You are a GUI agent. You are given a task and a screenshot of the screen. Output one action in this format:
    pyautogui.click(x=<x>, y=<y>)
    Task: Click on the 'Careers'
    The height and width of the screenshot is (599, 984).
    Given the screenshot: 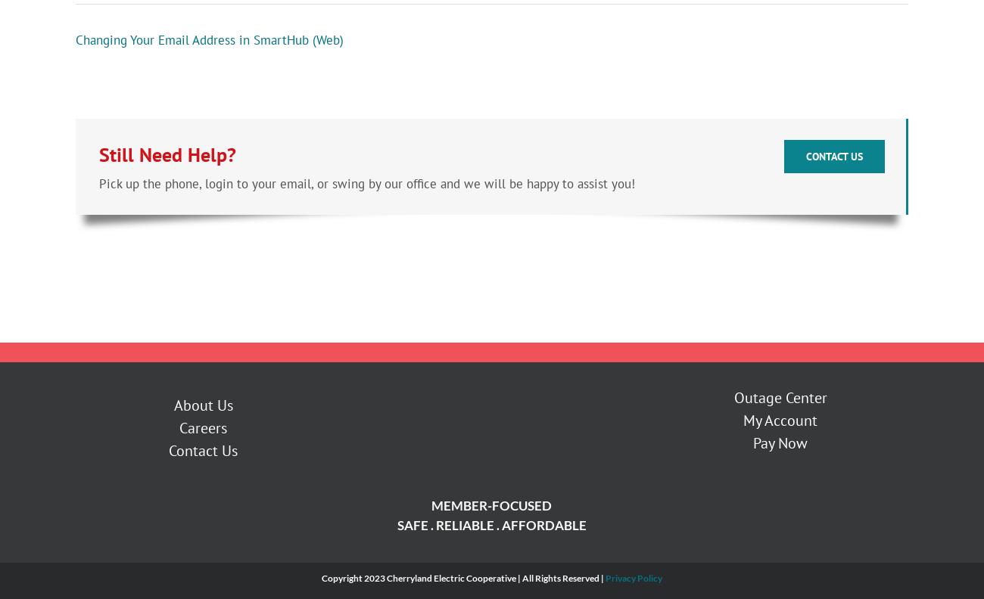 What is the action you would take?
    pyautogui.click(x=178, y=430)
    